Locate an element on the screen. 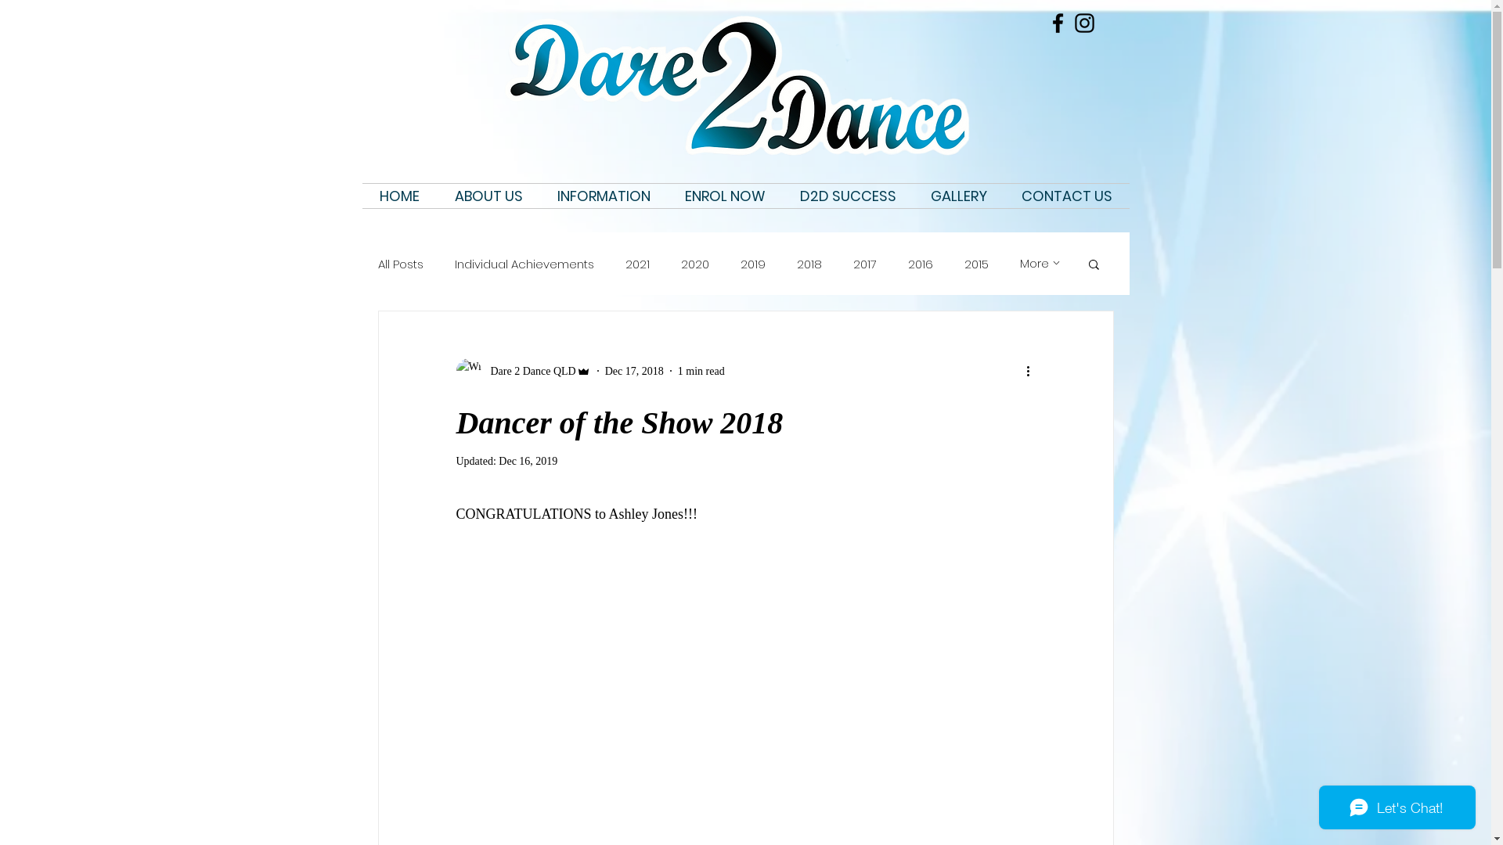 The height and width of the screenshot is (845, 1503). '2020' is located at coordinates (694, 263).